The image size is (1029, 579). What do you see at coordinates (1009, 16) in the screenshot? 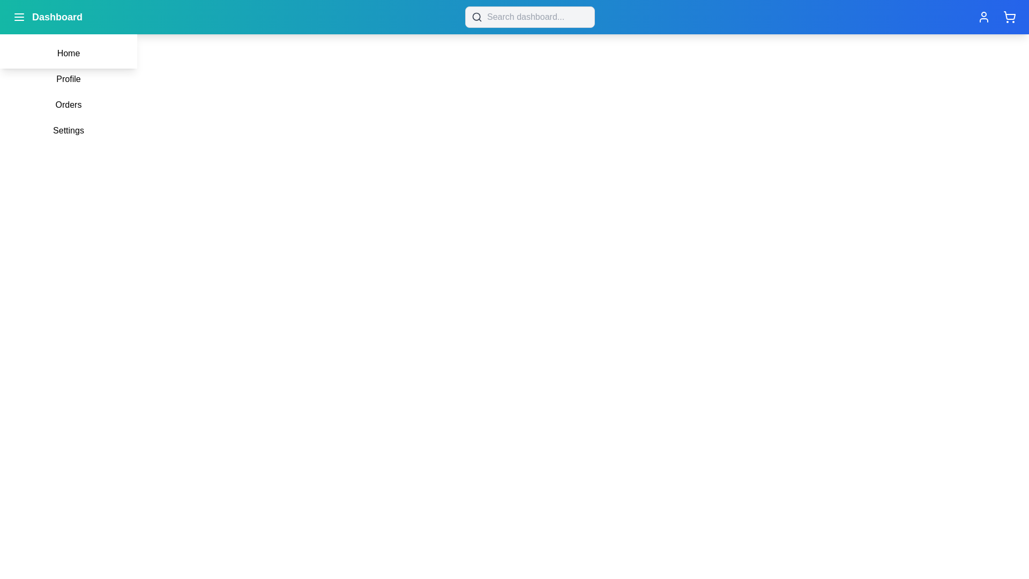
I see `the main body of the shopping cart icon located in the top-right corner of the navigation bar to redirect to the shopping cart or checkout page` at bounding box center [1009, 16].